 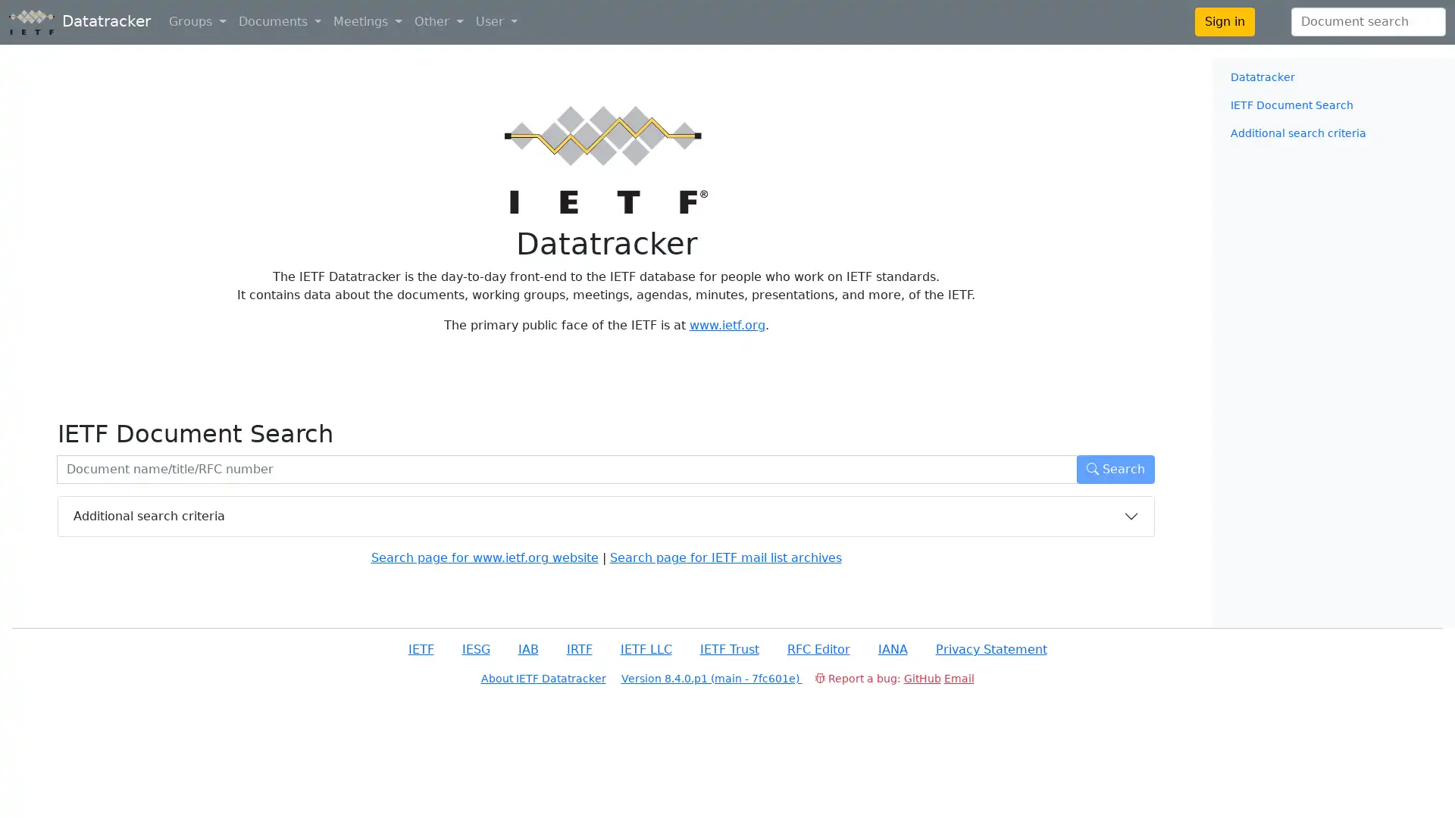 I want to click on Search, so click(x=1115, y=467).